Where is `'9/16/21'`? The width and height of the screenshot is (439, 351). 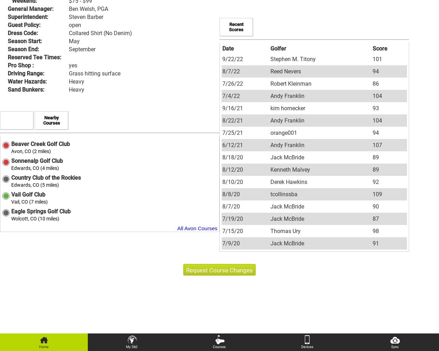
'9/16/21' is located at coordinates (222, 108).